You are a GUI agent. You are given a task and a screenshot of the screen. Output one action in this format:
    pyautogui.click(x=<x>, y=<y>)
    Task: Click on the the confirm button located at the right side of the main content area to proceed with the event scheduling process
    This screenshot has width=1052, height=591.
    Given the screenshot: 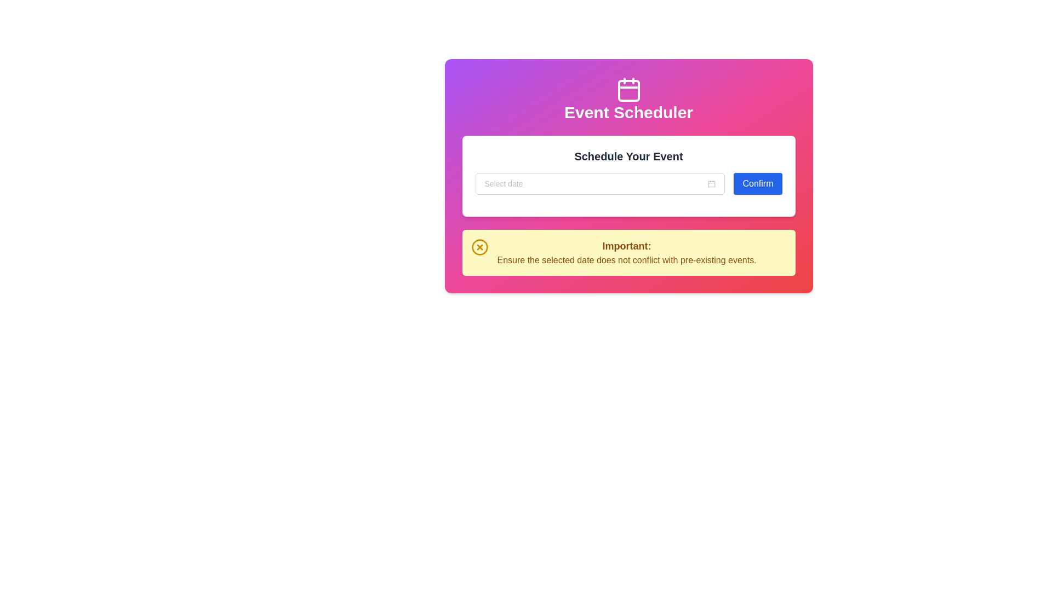 What is the action you would take?
    pyautogui.click(x=757, y=183)
    